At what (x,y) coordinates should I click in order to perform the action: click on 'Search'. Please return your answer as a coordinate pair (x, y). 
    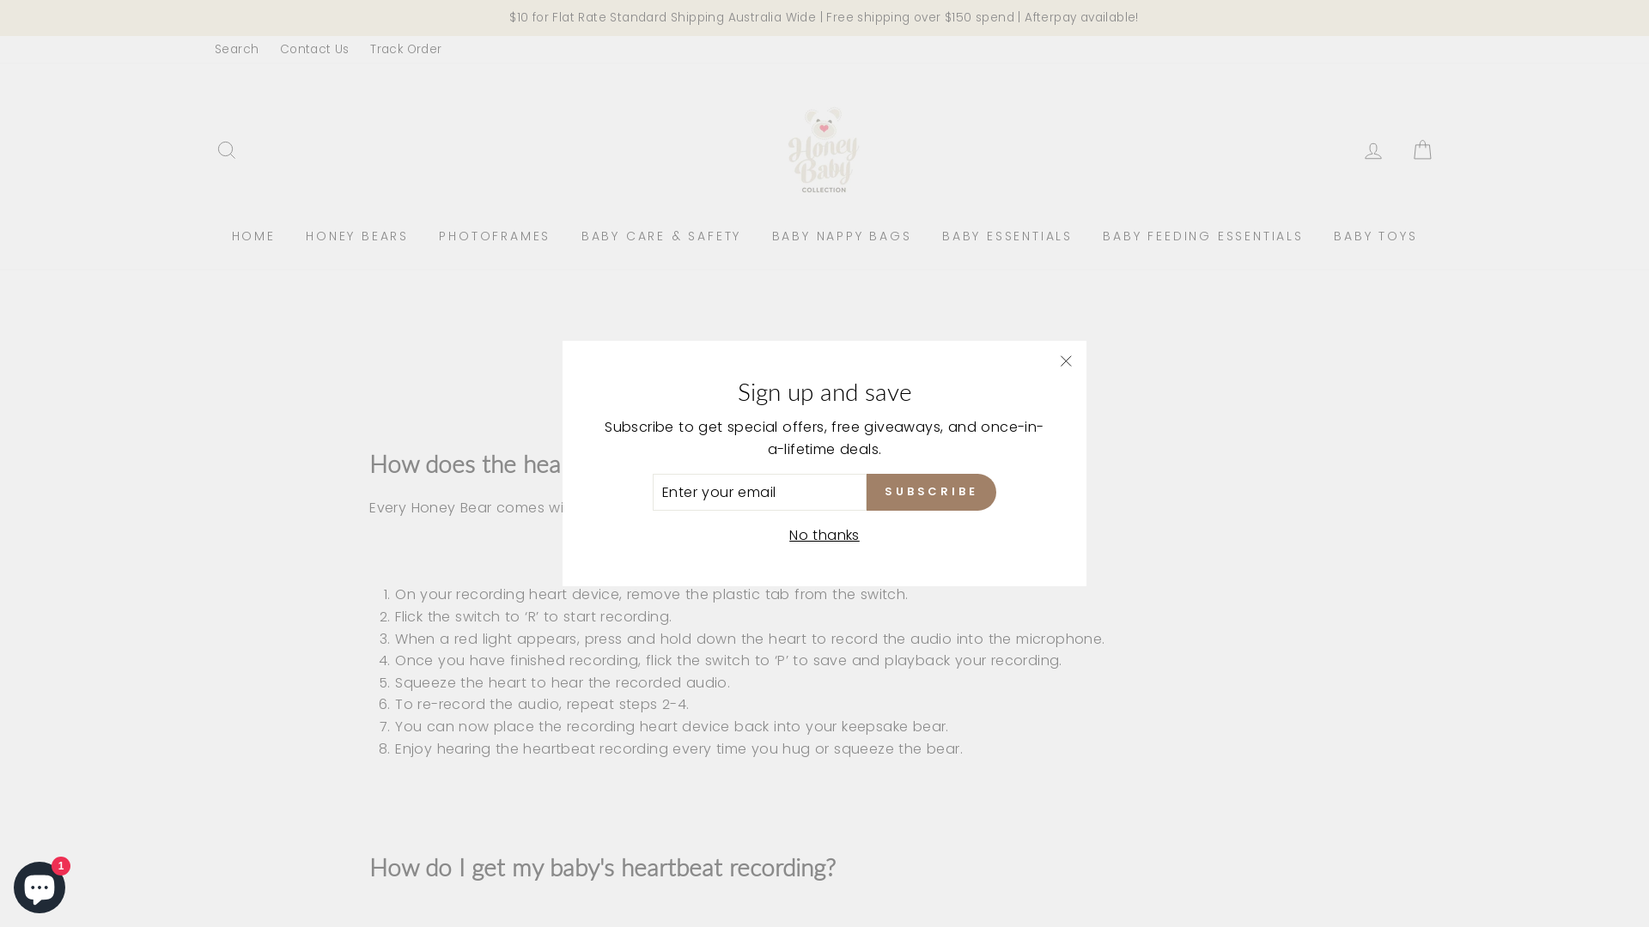
    Looking at the image, I should click on (235, 48).